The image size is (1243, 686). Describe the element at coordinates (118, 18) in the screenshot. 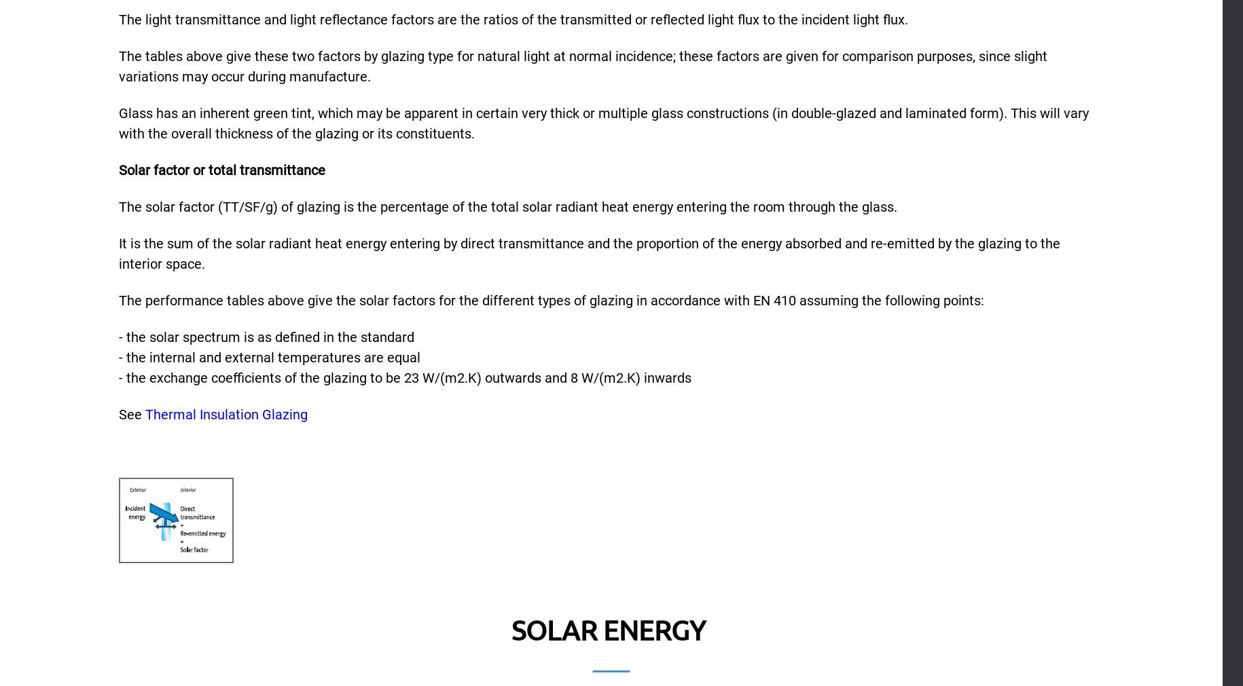

I see `'The light transmittance and light reflectance factors are the ratios of the transmitted or reflected light flux to the incident light flux.'` at that location.